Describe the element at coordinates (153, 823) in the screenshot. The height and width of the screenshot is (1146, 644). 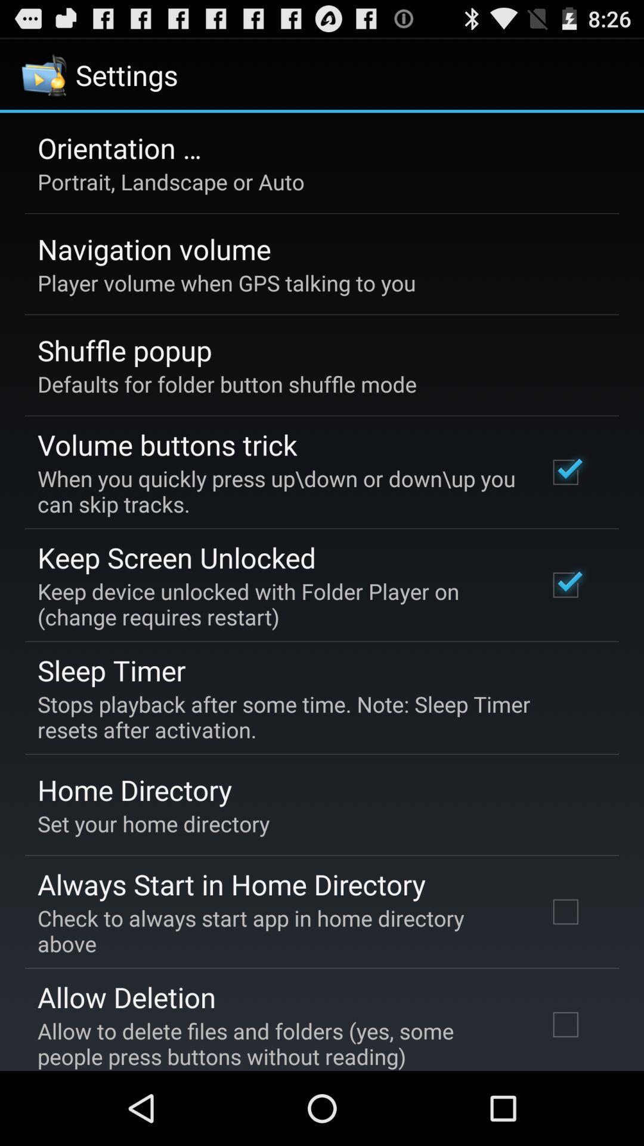
I see `item above always start in app` at that location.